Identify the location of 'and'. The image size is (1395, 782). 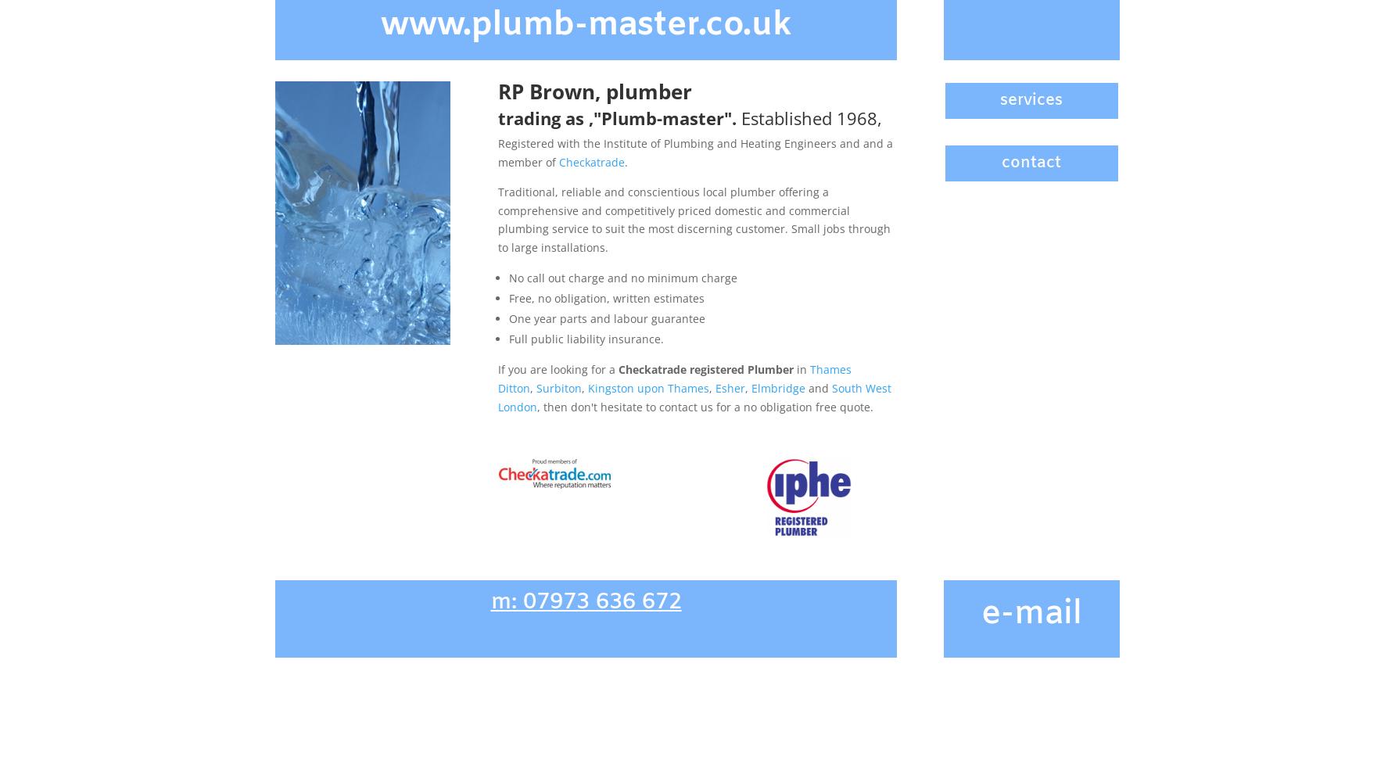
(816, 386).